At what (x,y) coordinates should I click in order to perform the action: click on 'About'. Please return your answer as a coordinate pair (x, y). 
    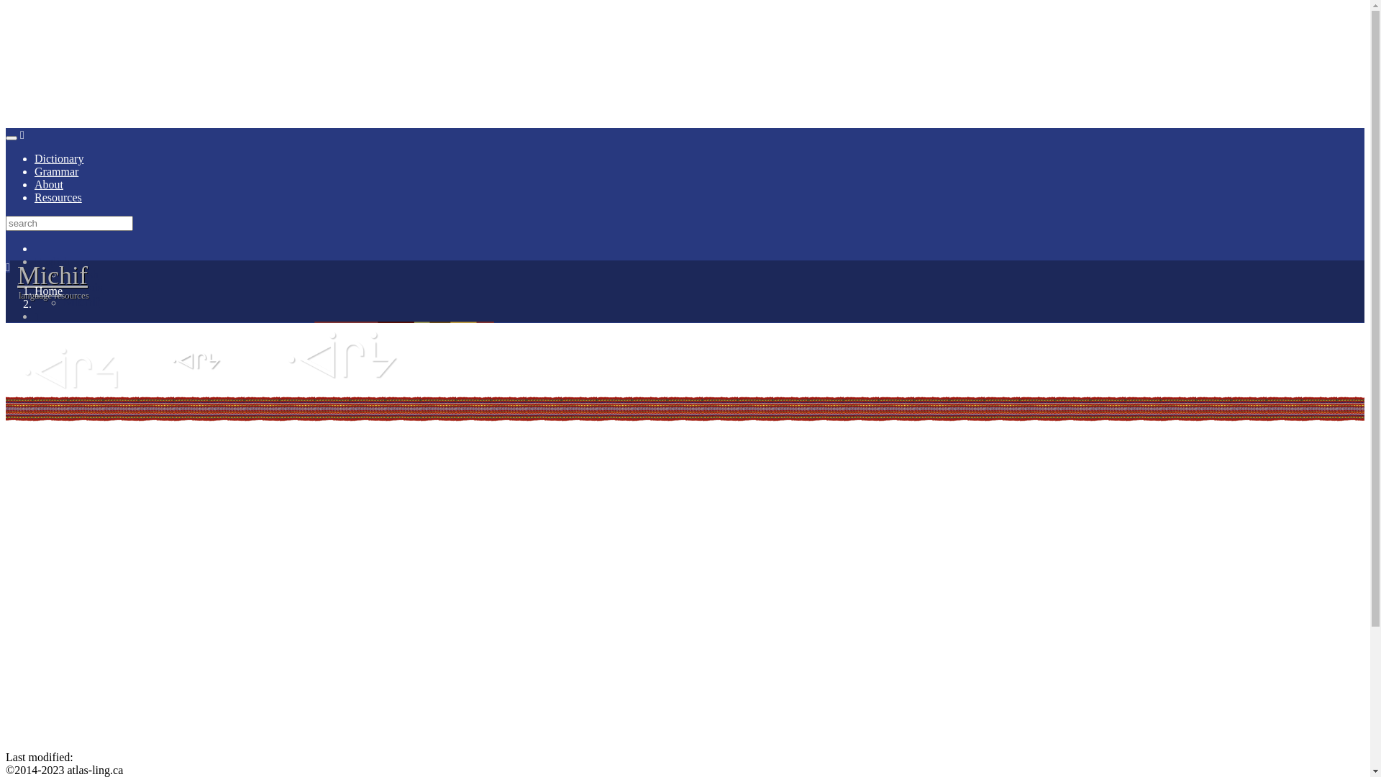
    Looking at the image, I should click on (48, 183).